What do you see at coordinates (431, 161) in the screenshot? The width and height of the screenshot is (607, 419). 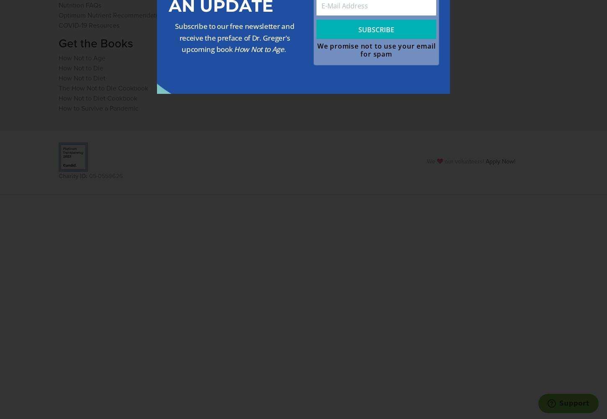 I see `'We'` at bounding box center [431, 161].